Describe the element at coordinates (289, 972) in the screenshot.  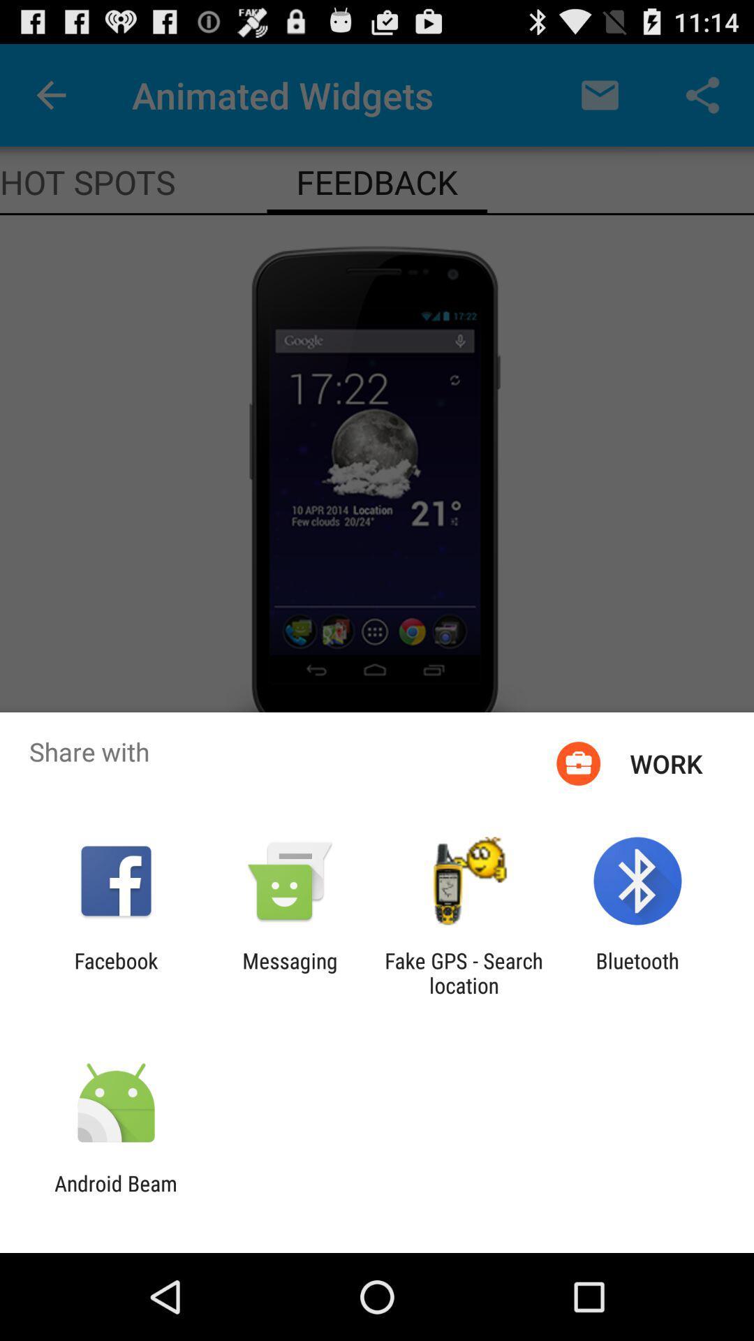
I see `messaging app` at that location.